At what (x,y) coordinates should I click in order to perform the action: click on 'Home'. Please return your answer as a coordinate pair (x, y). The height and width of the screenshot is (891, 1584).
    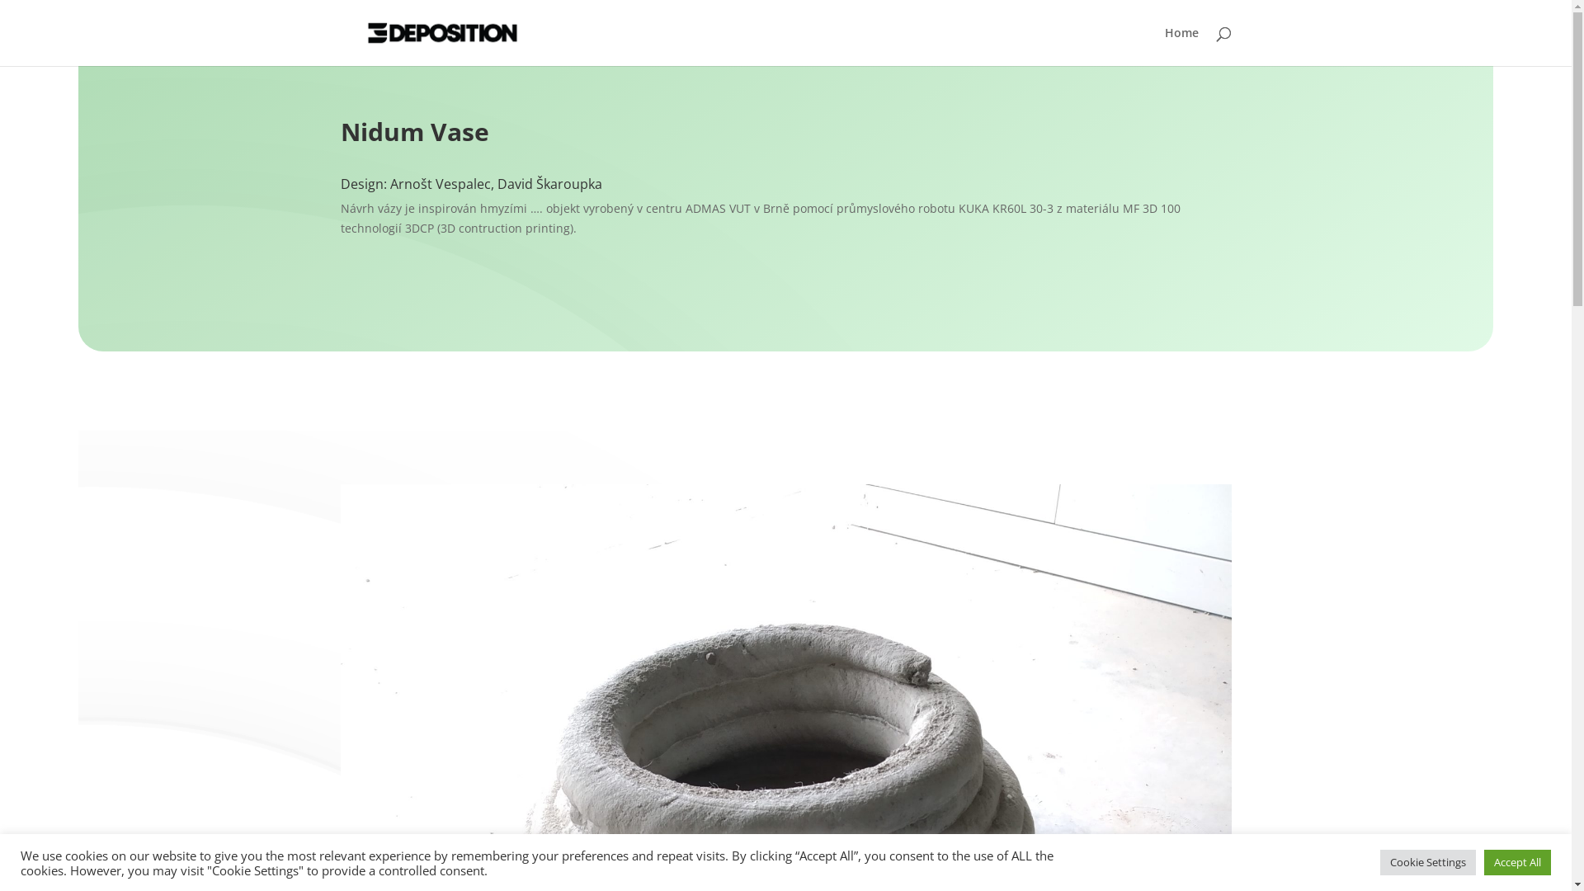
    Looking at the image, I should click on (1181, 45).